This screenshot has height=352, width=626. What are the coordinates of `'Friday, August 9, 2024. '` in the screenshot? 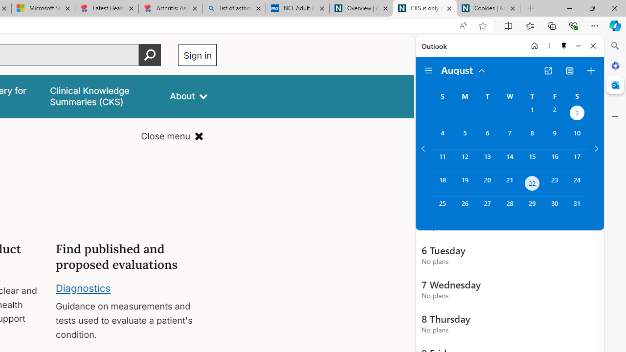 It's located at (555, 137).